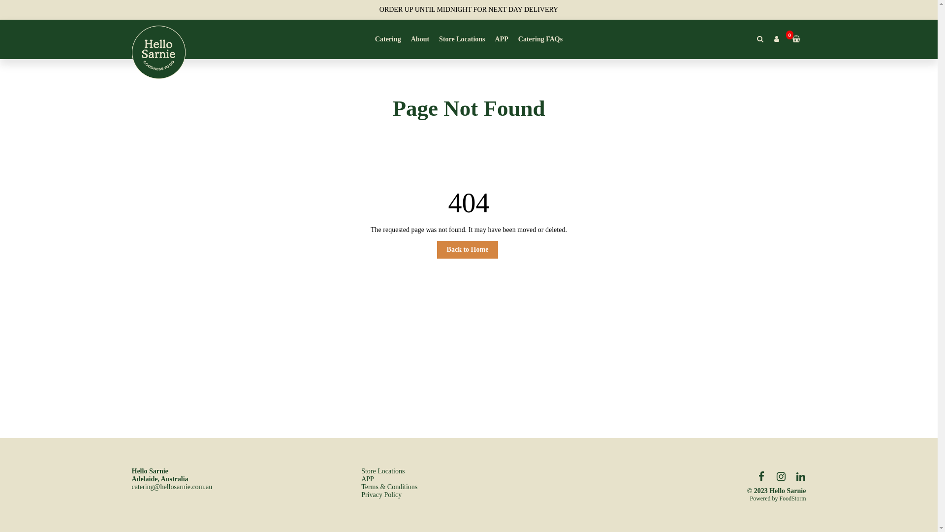  What do you see at coordinates (172, 486) in the screenshot?
I see `'catering@hellosarnie.com.au'` at bounding box center [172, 486].